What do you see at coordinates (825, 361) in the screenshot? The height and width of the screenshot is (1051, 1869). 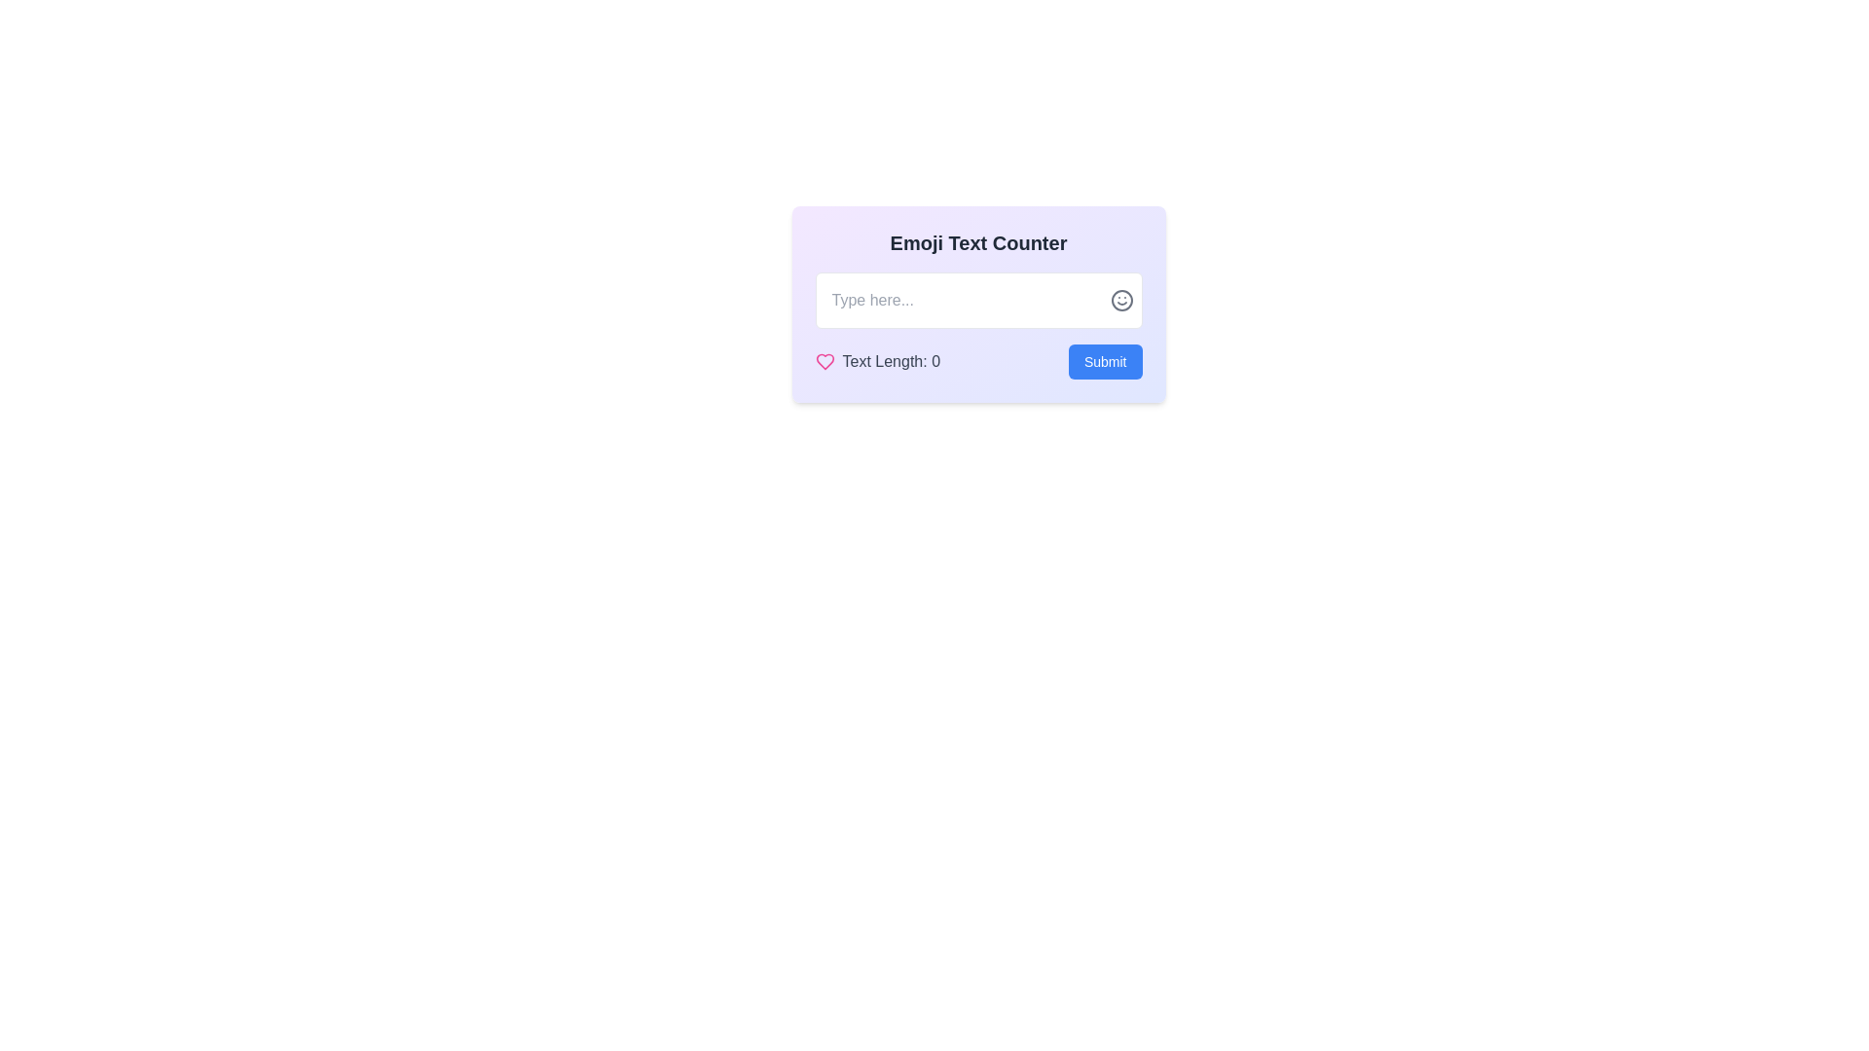 I see `the decorative or symbolic icon representing love or affection in the 'Emoji Text Counter' interface, located slightly to the left of the 'Type here...' input box` at bounding box center [825, 361].